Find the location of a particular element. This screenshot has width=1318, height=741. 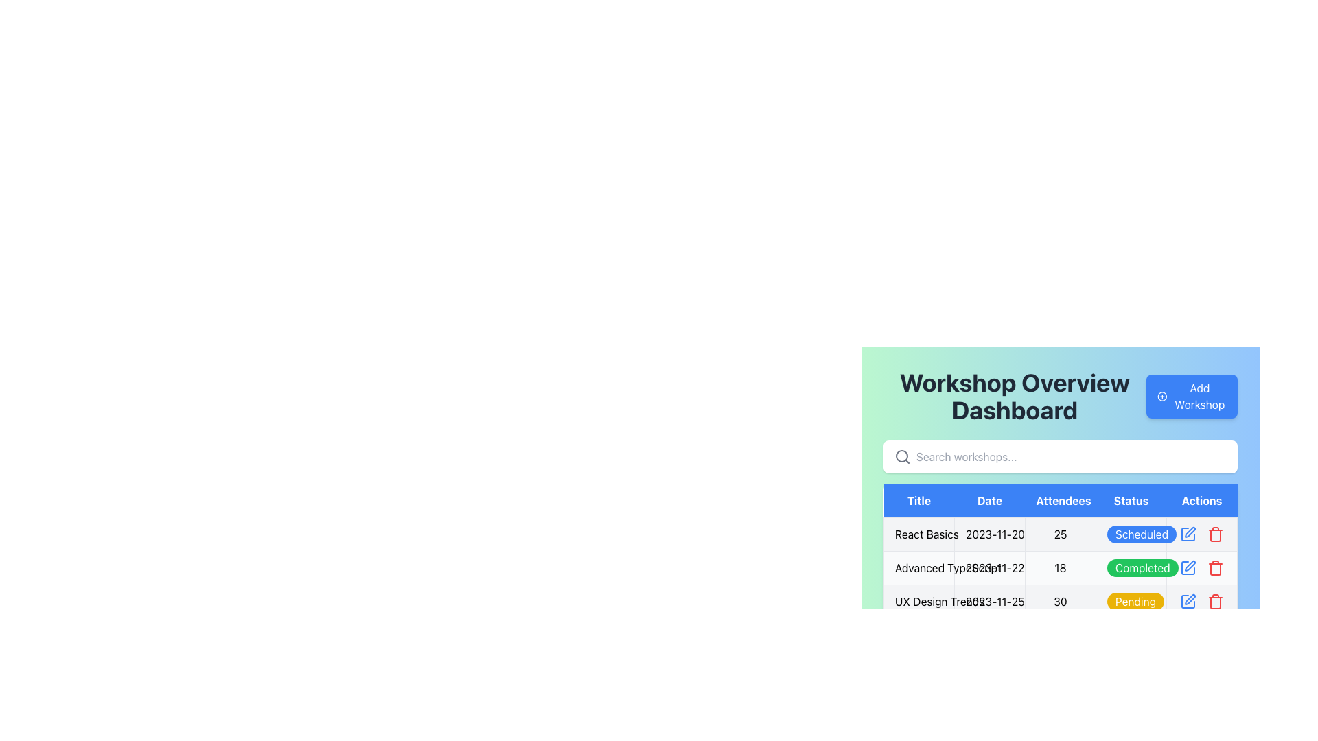

the edit button represented by a blue pen icon located in the 'Actions' column of the last row in the 'Workshop Overview Dashboard', positioned between a 'Pending' status badge and a red trash bin icon is located at coordinates (1188, 600).